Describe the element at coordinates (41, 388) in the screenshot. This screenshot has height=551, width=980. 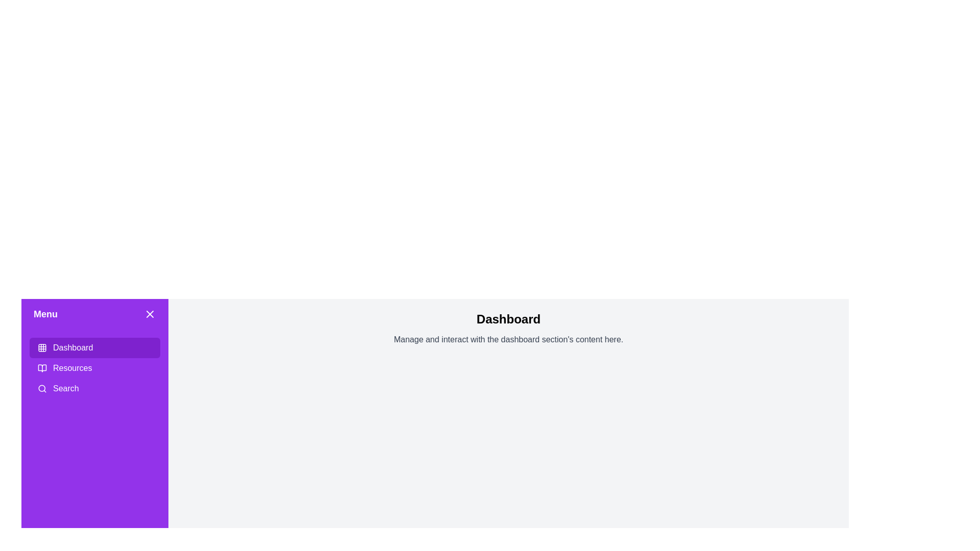
I see `the hollow circle component of the search icon located in the menu panel on the left side of the interface` at that location.